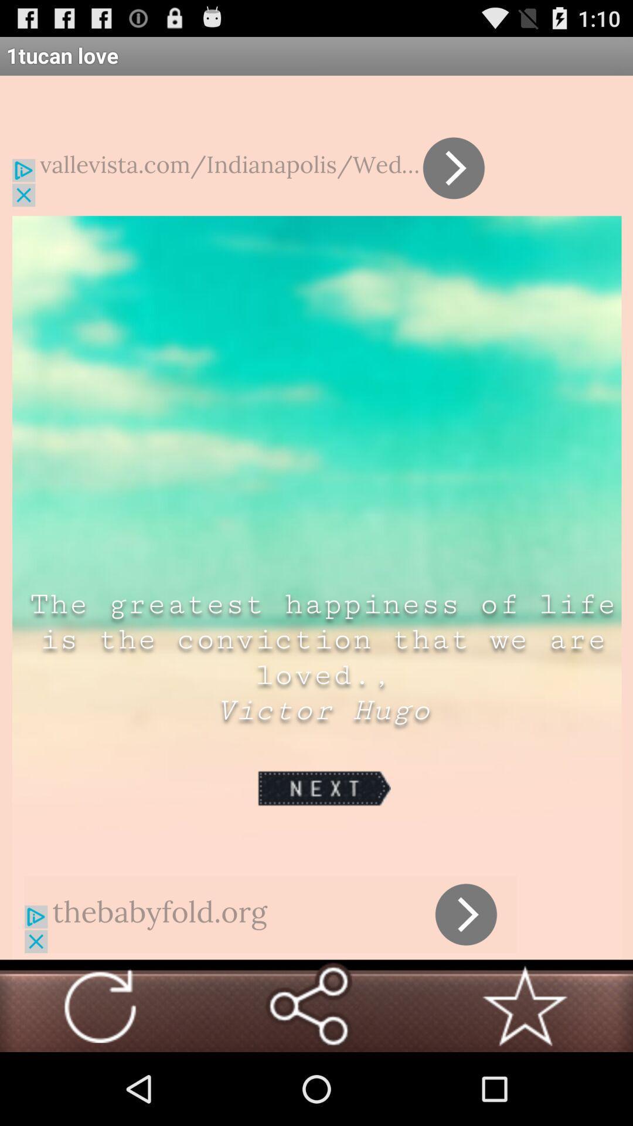  What do you see at coordinates (308, 1005) in the screenshot?
I see `share the file` at bounding box center [308, 1005].